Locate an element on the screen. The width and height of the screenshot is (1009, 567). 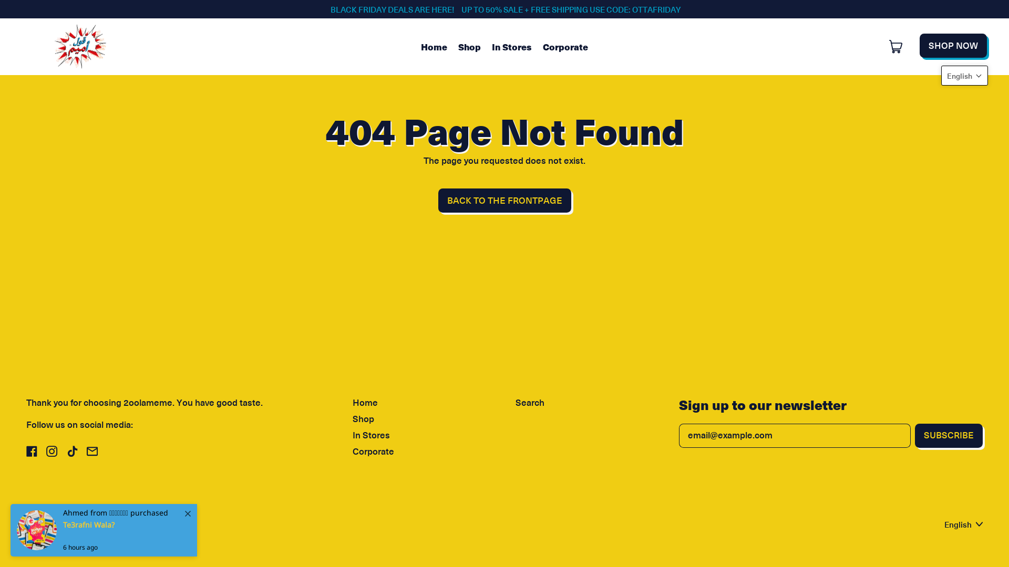
'SHOP NOW' is located at coordinates (953, 45).